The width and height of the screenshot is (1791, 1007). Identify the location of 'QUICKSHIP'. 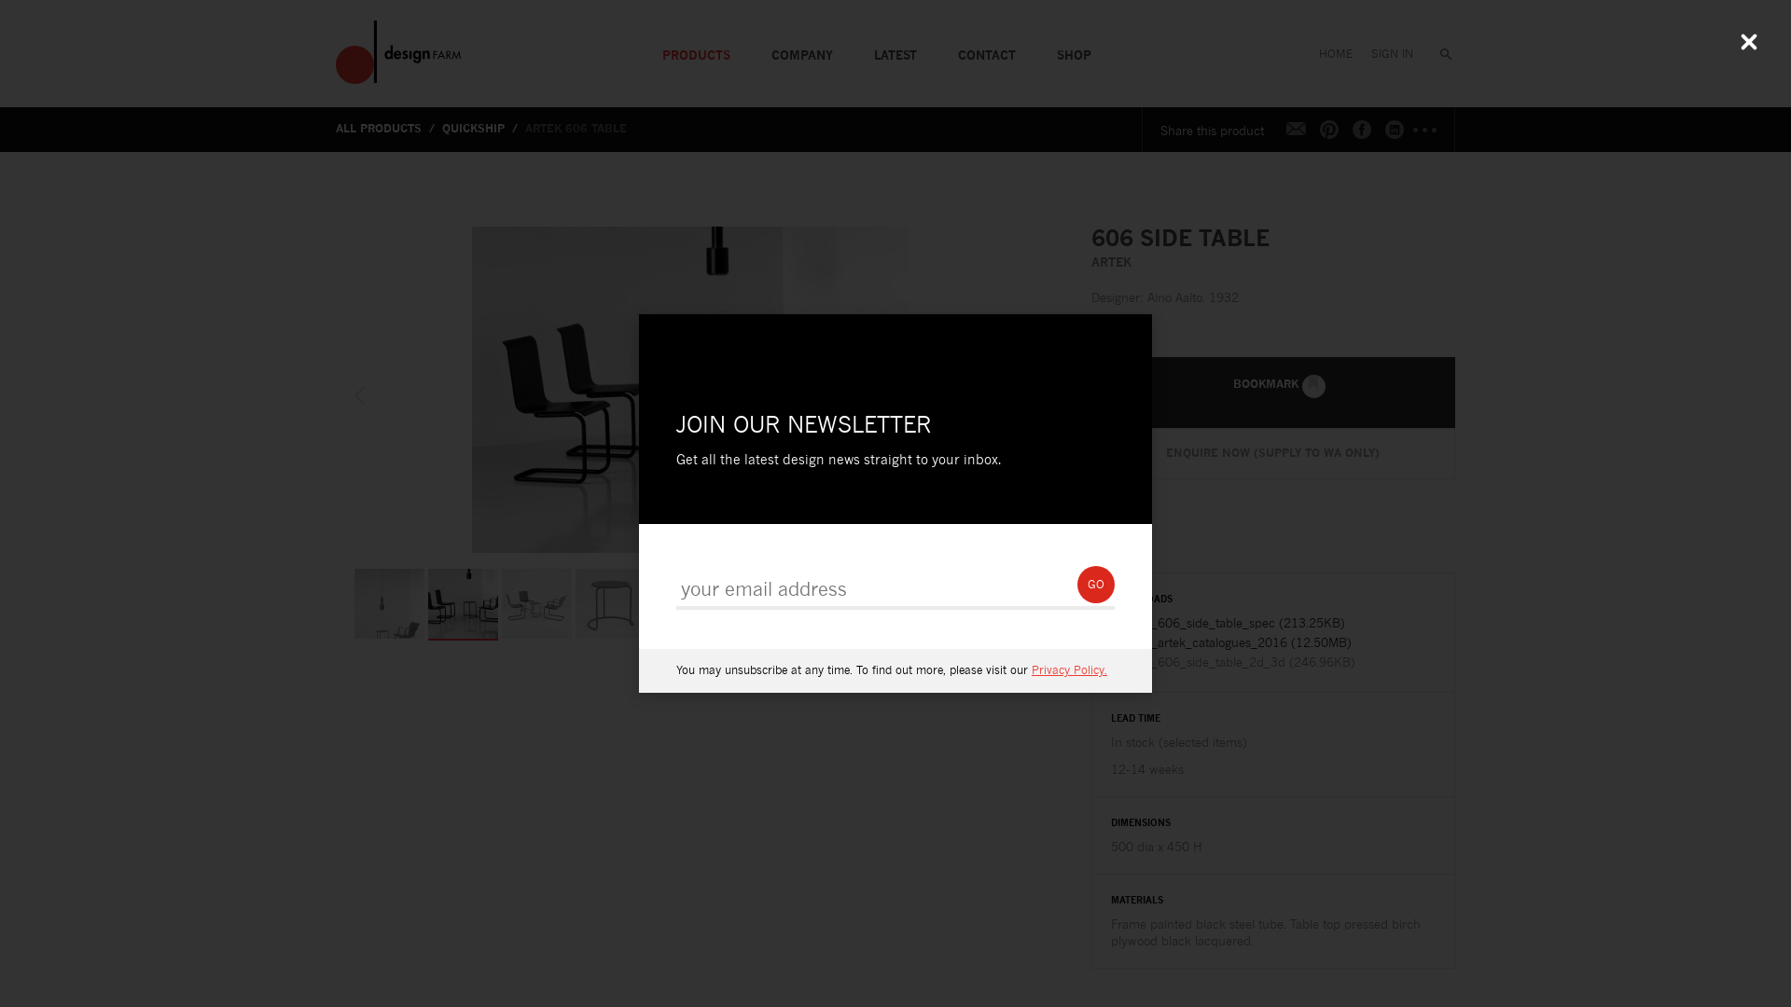
(481, 127).